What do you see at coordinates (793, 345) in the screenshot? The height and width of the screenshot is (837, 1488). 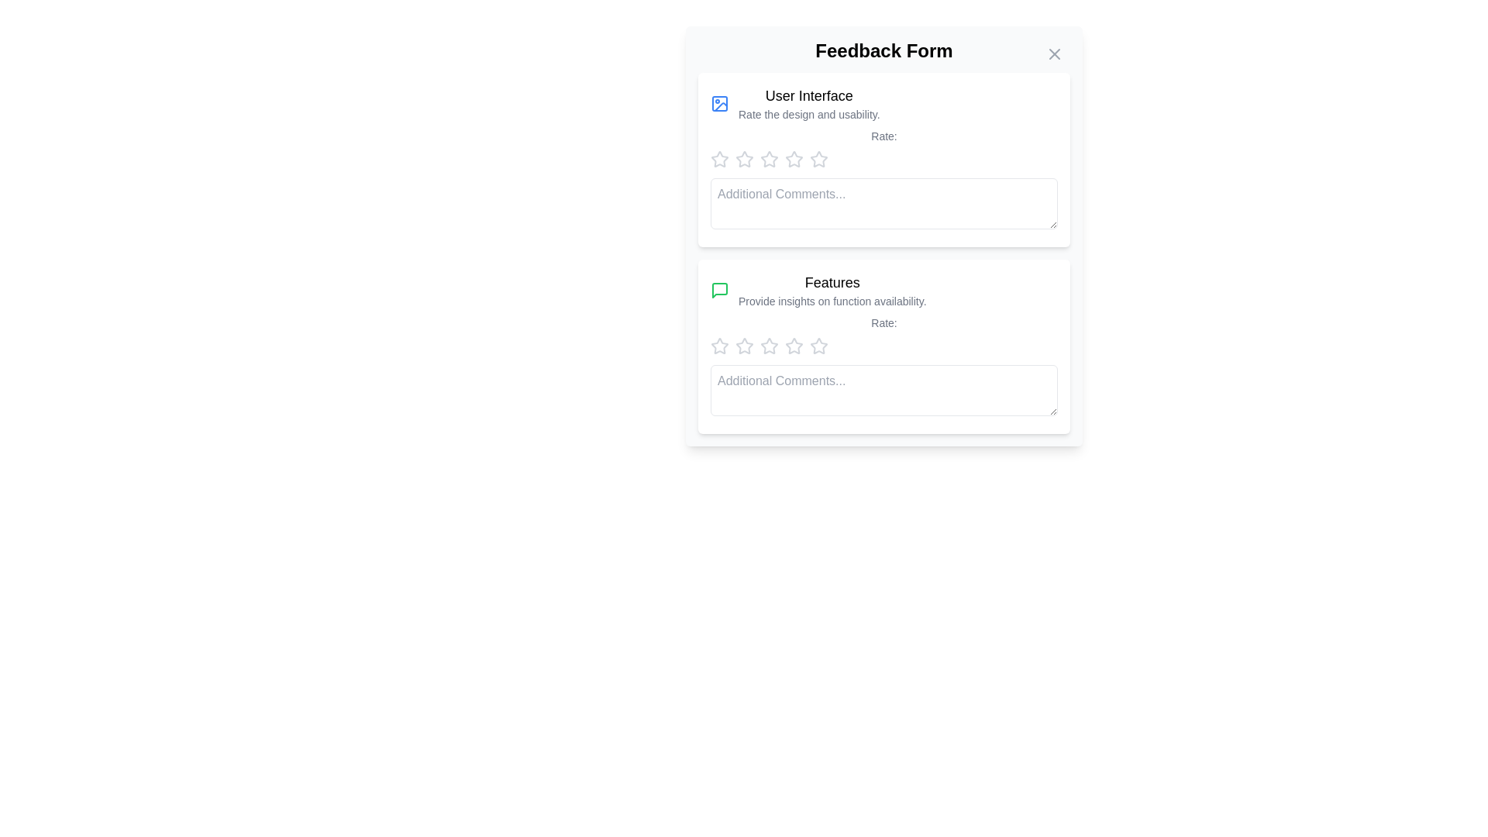 I see `the fourth star icon` at bounding box center [793, 345].